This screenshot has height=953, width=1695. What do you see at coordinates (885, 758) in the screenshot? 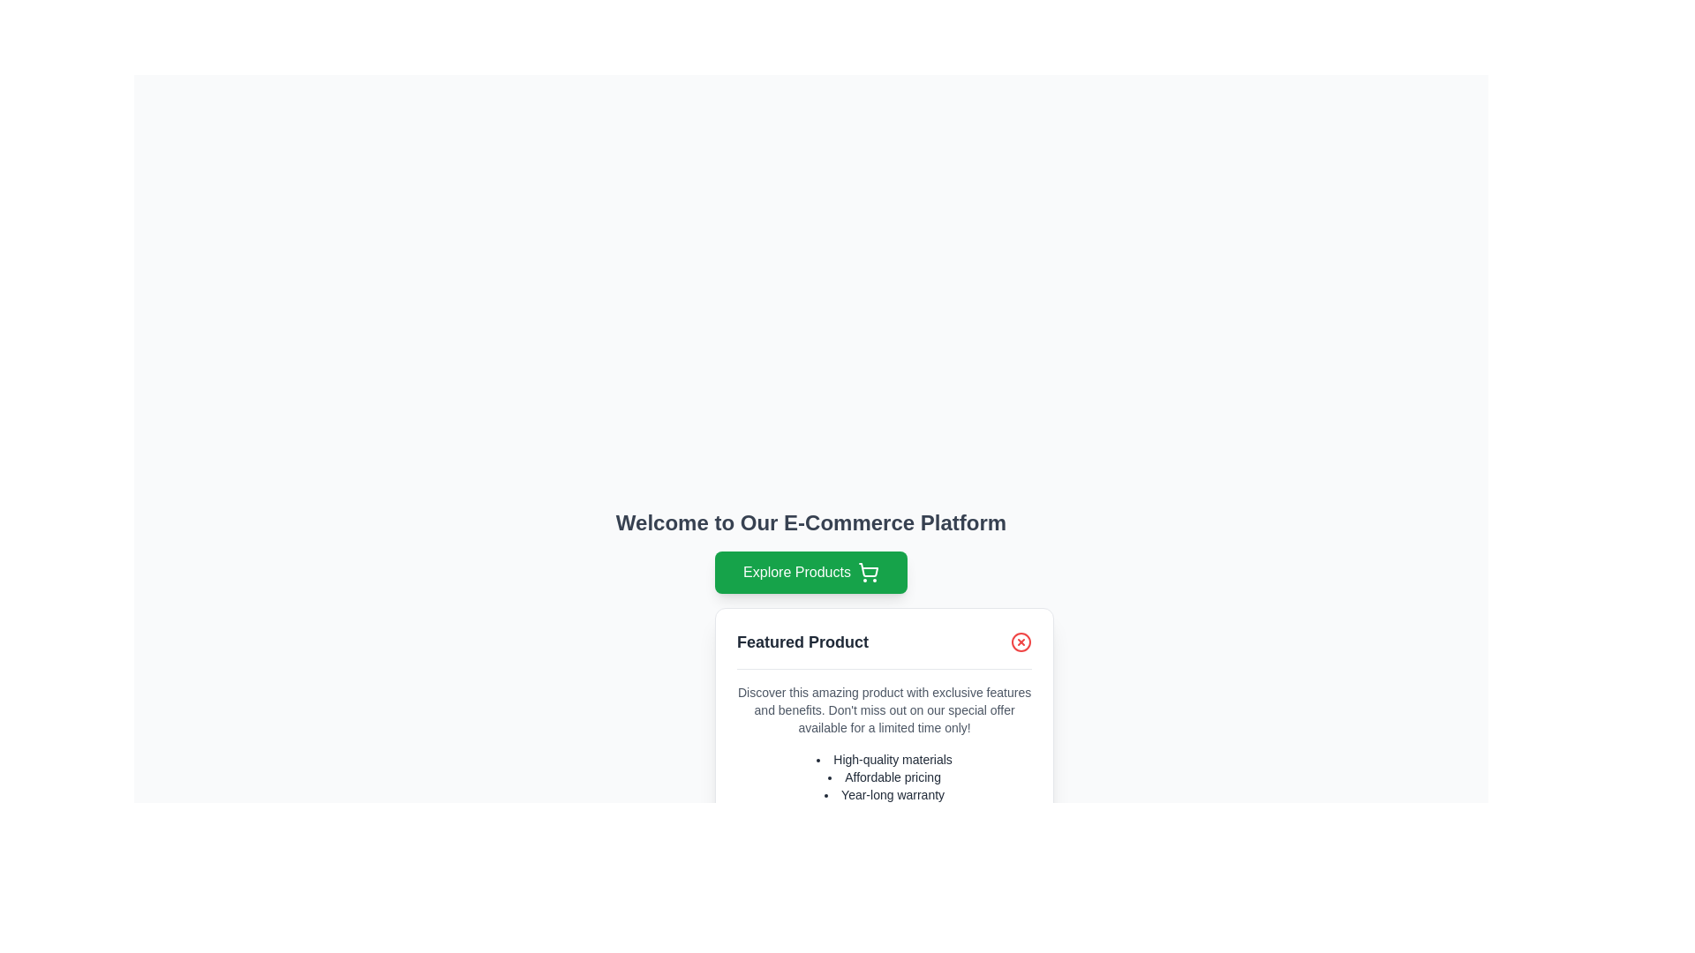
I see `text element that describes a feature of the product, which is the first item in the bulleted list under the 'Featured Product' section` at bounding box center [885, 758].